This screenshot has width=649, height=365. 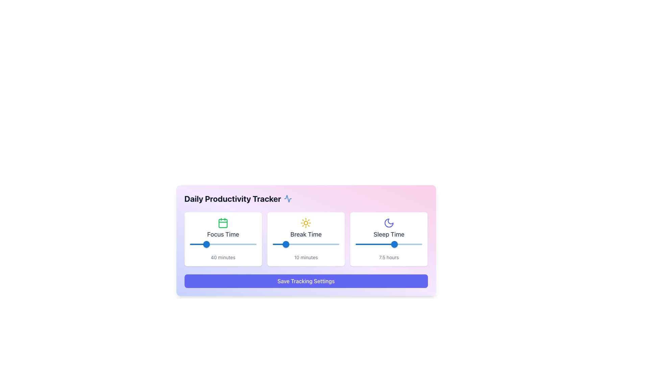 I want to click on the SVG graphic of the activity waveform icon styled in blue, located to the left of the text 'Daily Productivity Tracker', so click(x=288, y=198).